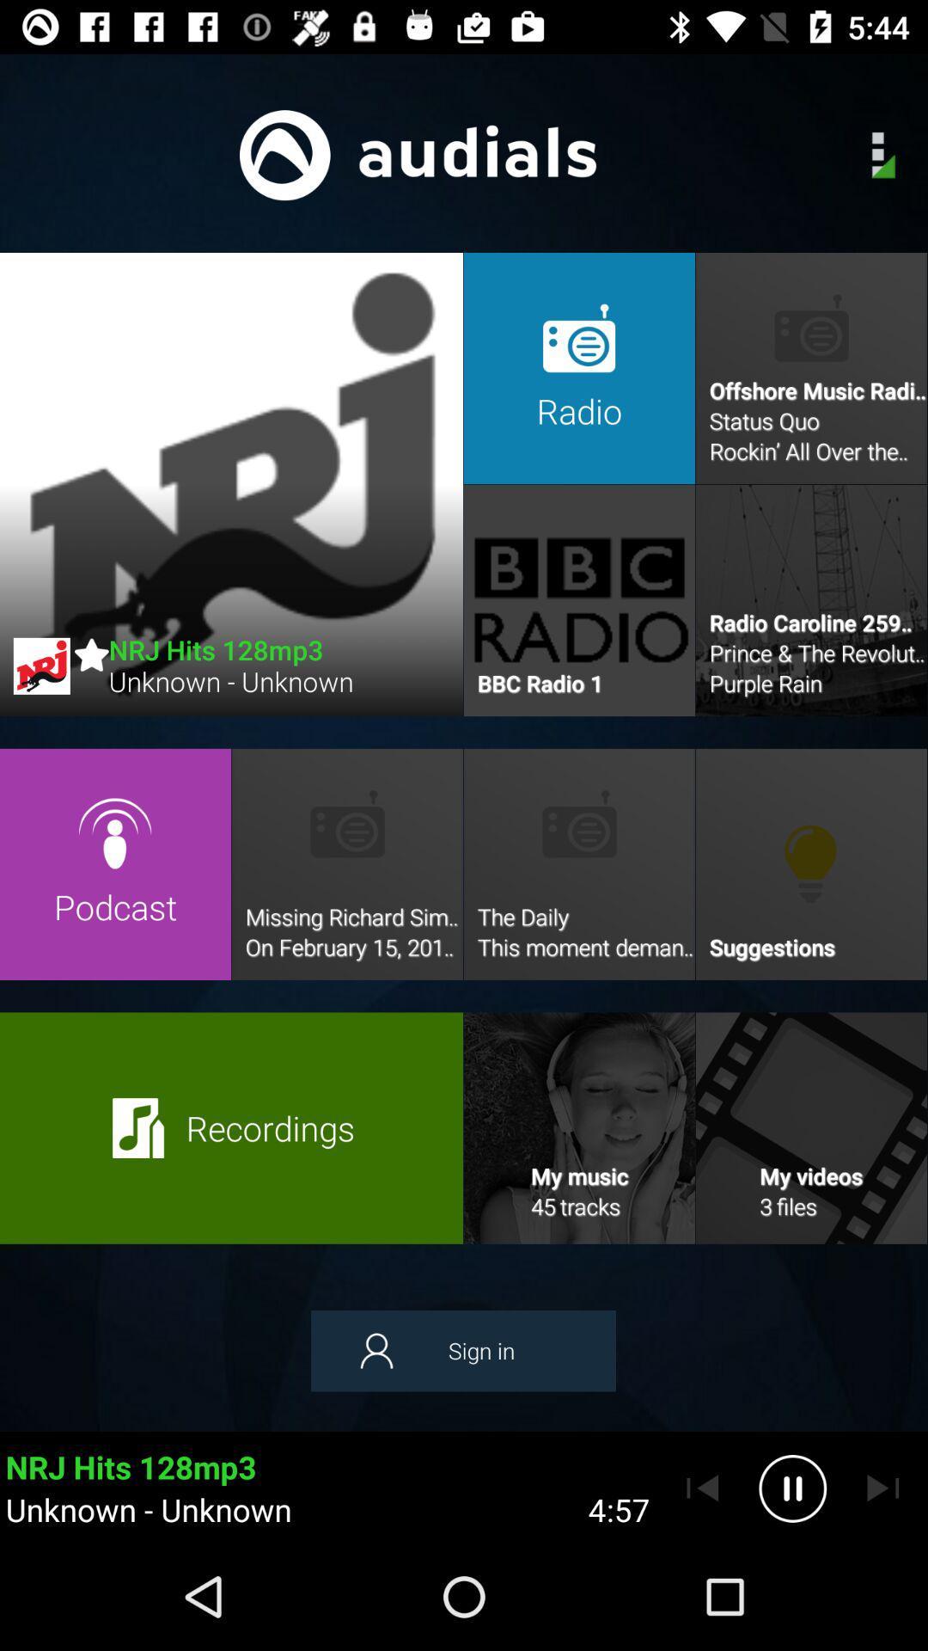 The width and height of the screenshot is (928, 1651). What do you see at coordinates (792, 1488) in the screenshot?
I see `the pause icon` at bounding box center [792, 1488].